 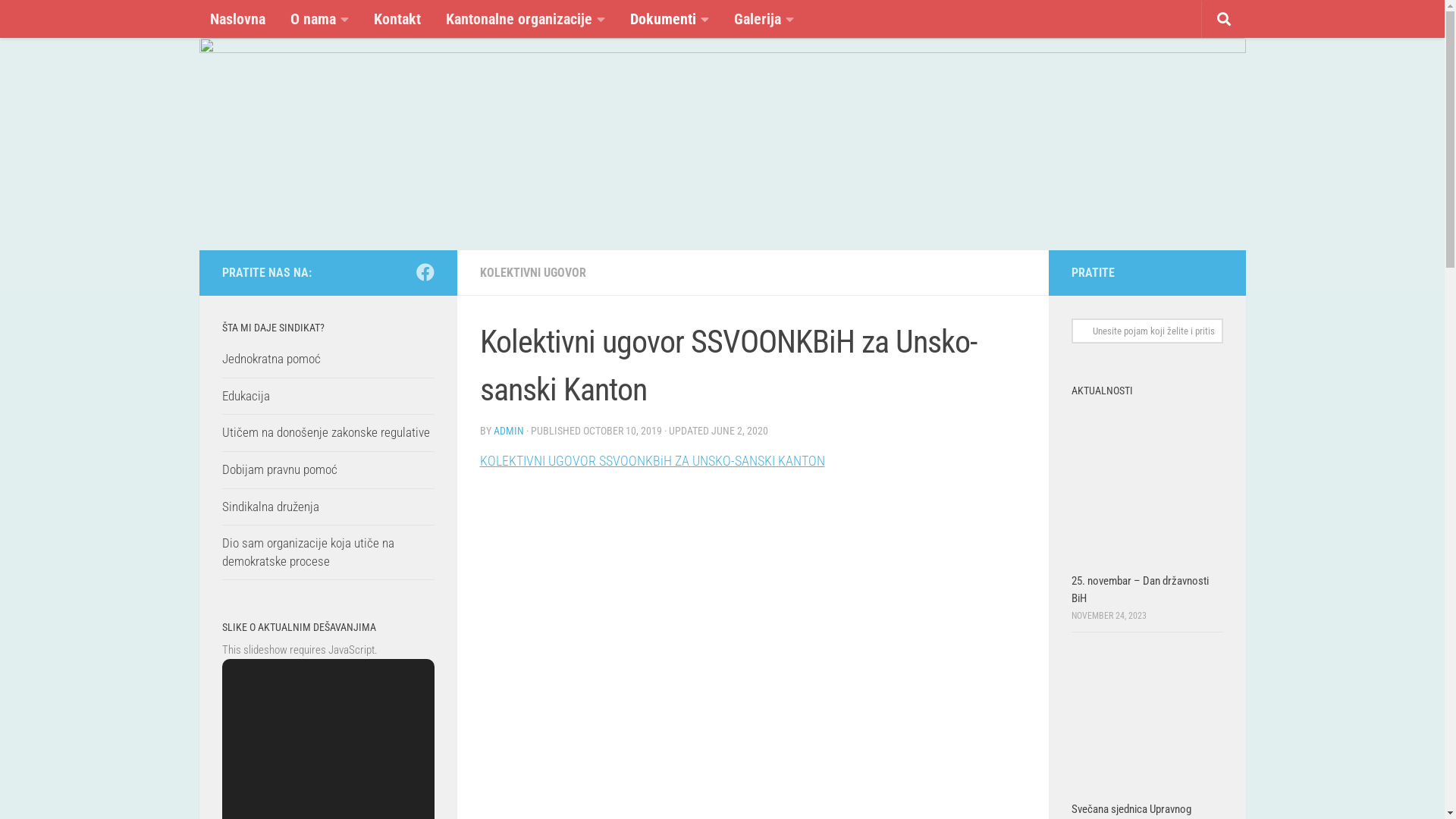 I want to click on 'ADMIN', so click(x=508, y=430).